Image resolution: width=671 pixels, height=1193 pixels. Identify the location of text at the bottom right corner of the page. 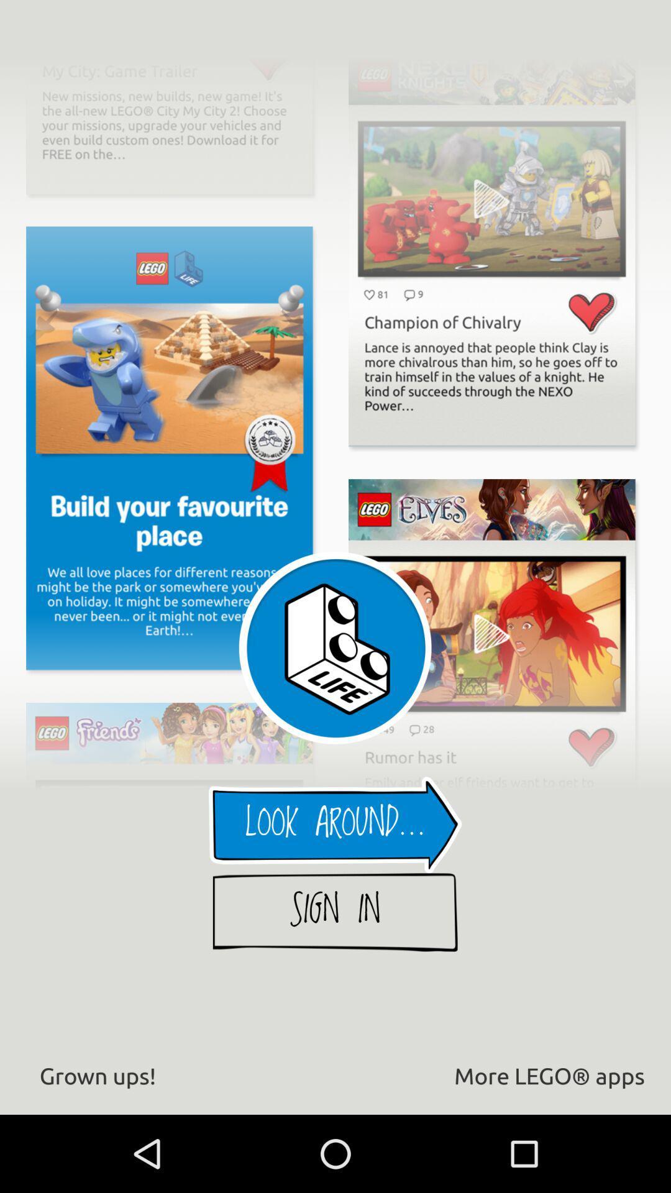
(496, 1076).